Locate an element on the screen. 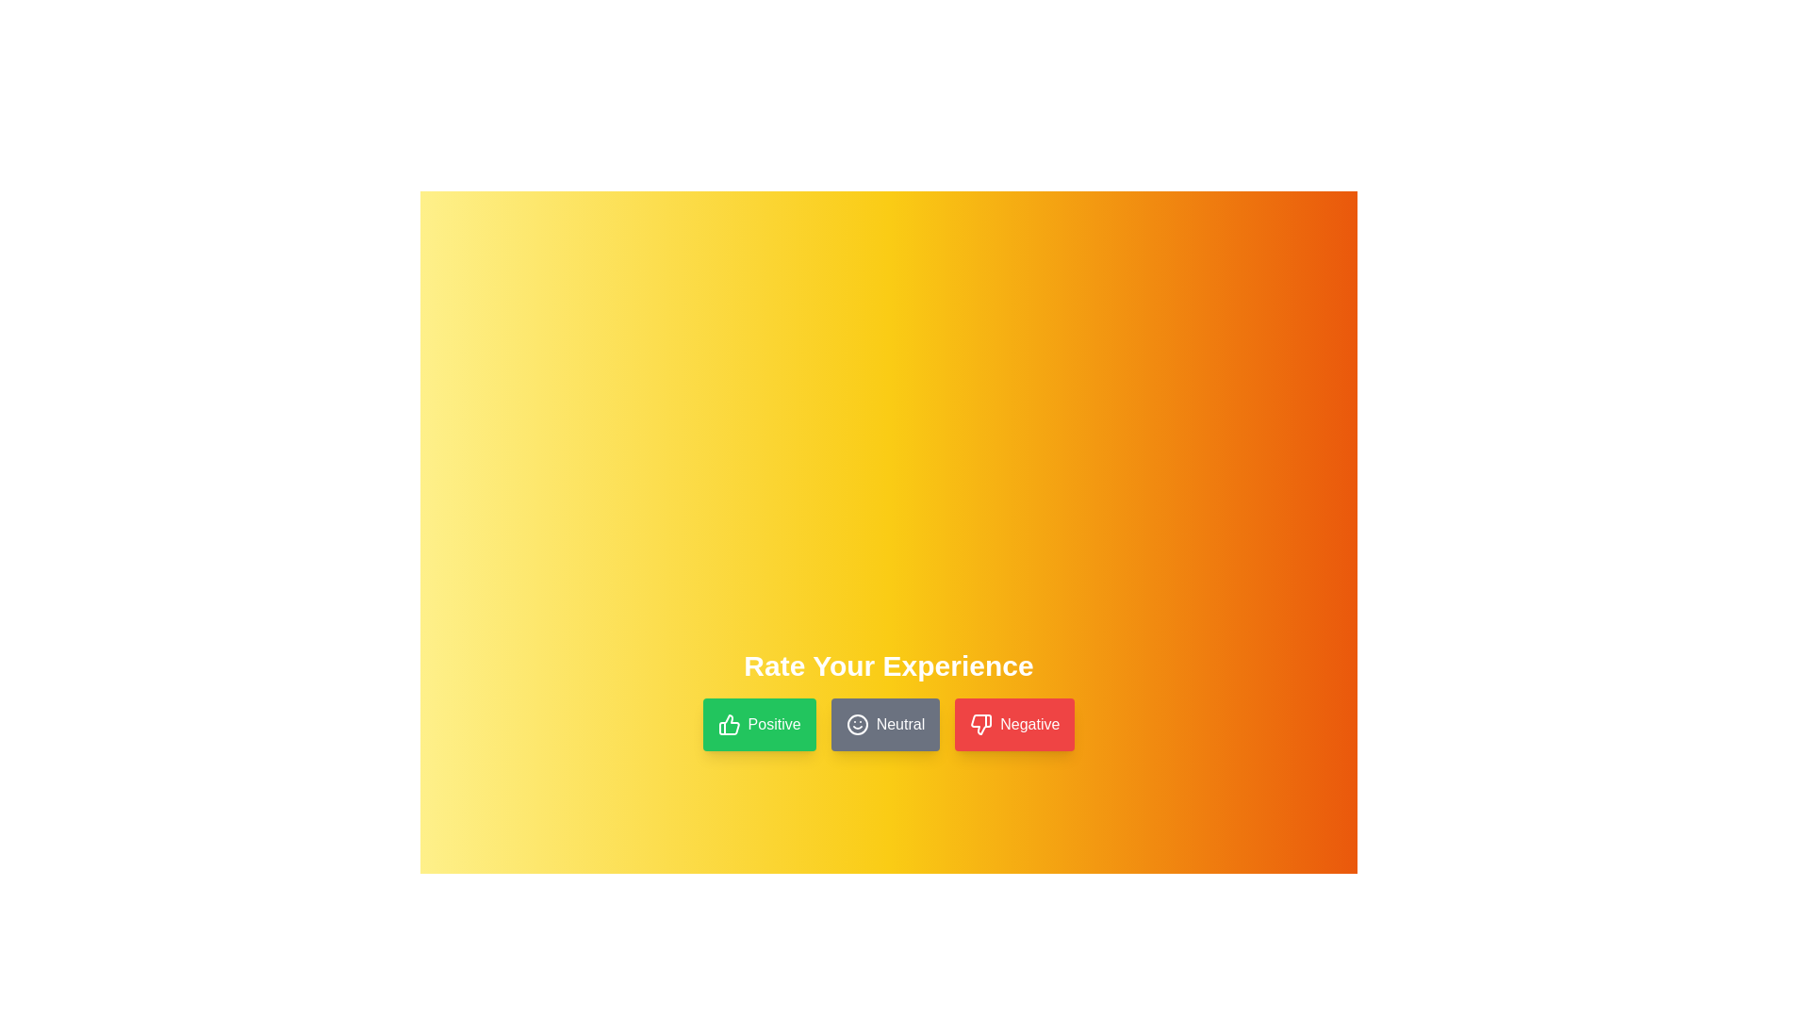 The width and height of the screenshot is (1810, 1018). the Button Group for rating experience, which consists of three options: 'Positive', 'Neutral', and 'Negative', located below the title 'Rate Your Experience' is located at coordinates (887, 723).